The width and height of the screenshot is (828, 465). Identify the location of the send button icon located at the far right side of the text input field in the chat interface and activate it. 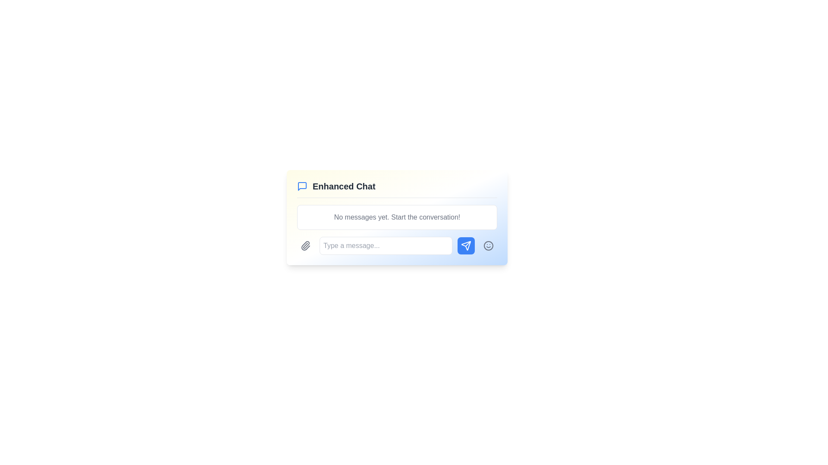
(465, 245).